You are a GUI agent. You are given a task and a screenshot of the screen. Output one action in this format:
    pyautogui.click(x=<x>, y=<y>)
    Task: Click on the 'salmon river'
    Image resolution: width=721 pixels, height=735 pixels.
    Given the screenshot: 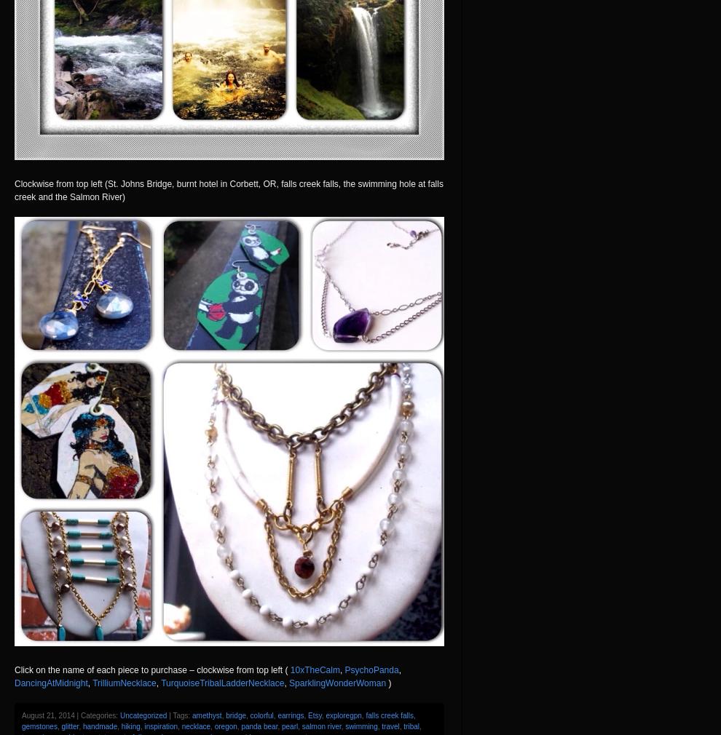 What is the action you would take?
    pyautogui.click(x=320, y=726)
    